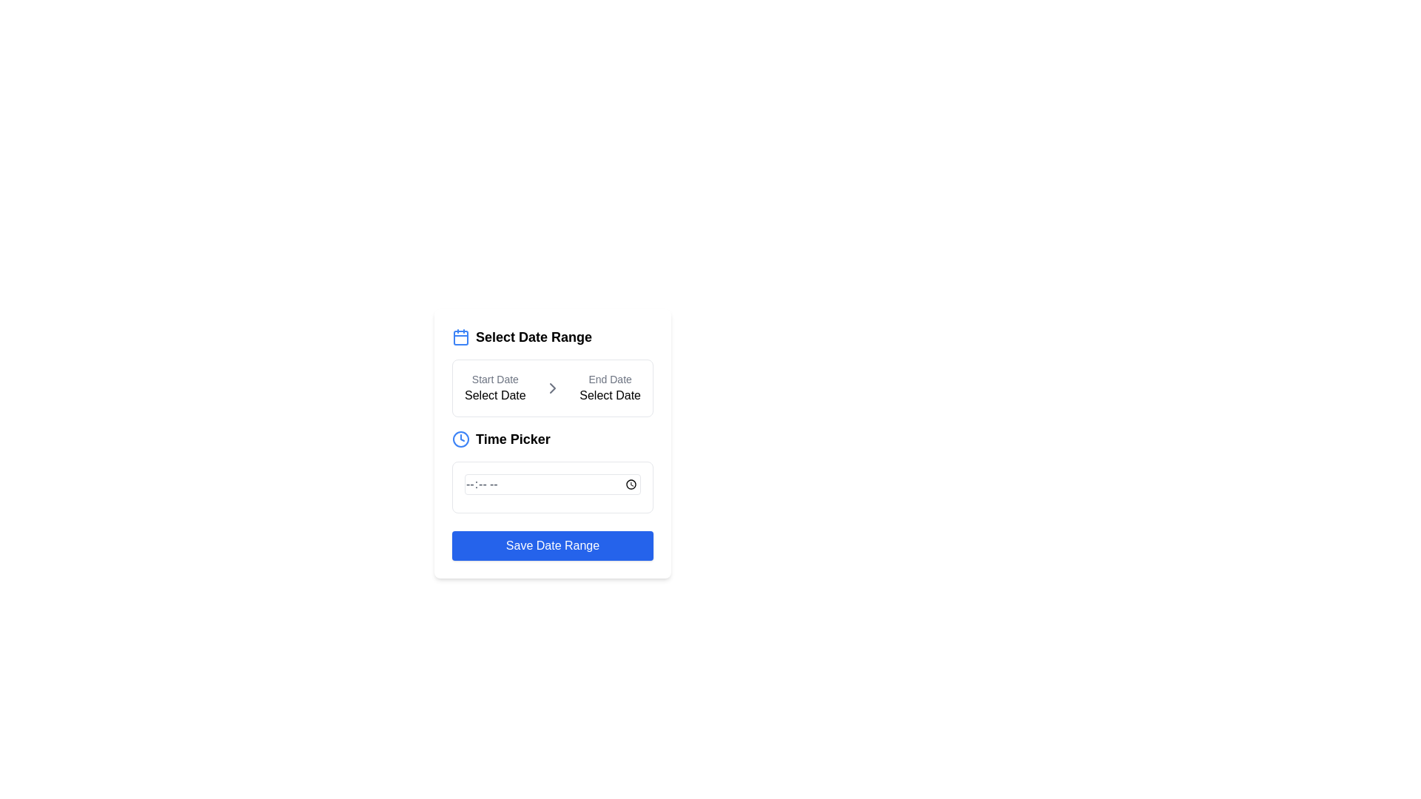 This screenshot has width=1421, height=799. What do you see at coordinates (460, 439) in the screenshot?
I see `the clock icon that represents the time selection functionality, located to the left of the 'Time Picker' label` at bounding box center [460, 439].